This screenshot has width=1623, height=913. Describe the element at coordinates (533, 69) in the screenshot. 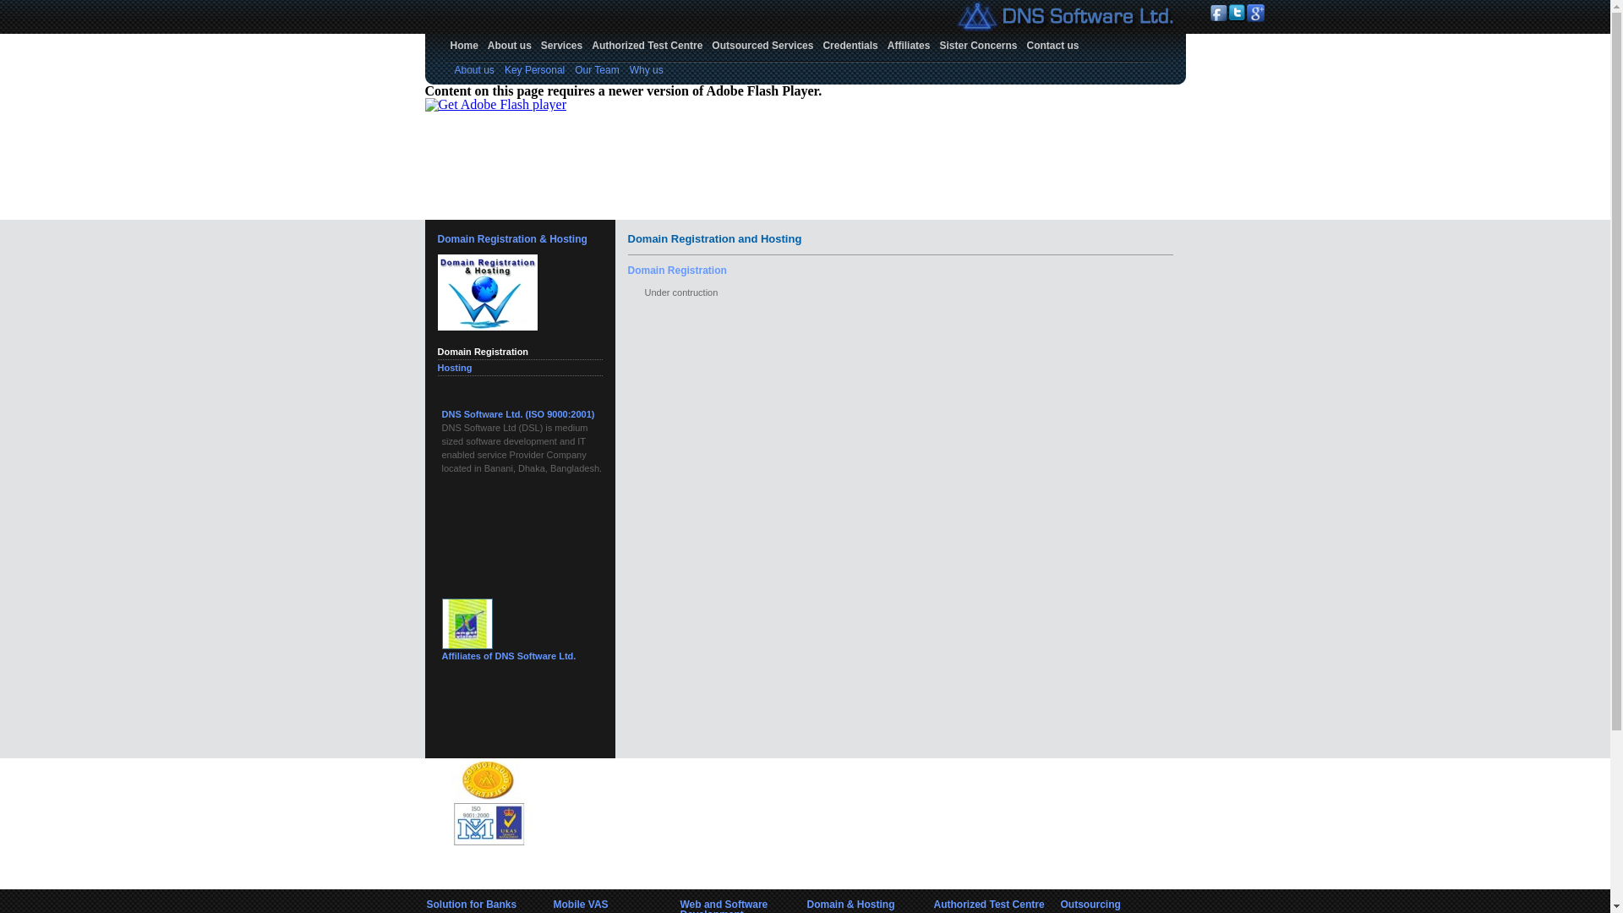

I see `'Key Personal'` at that location.